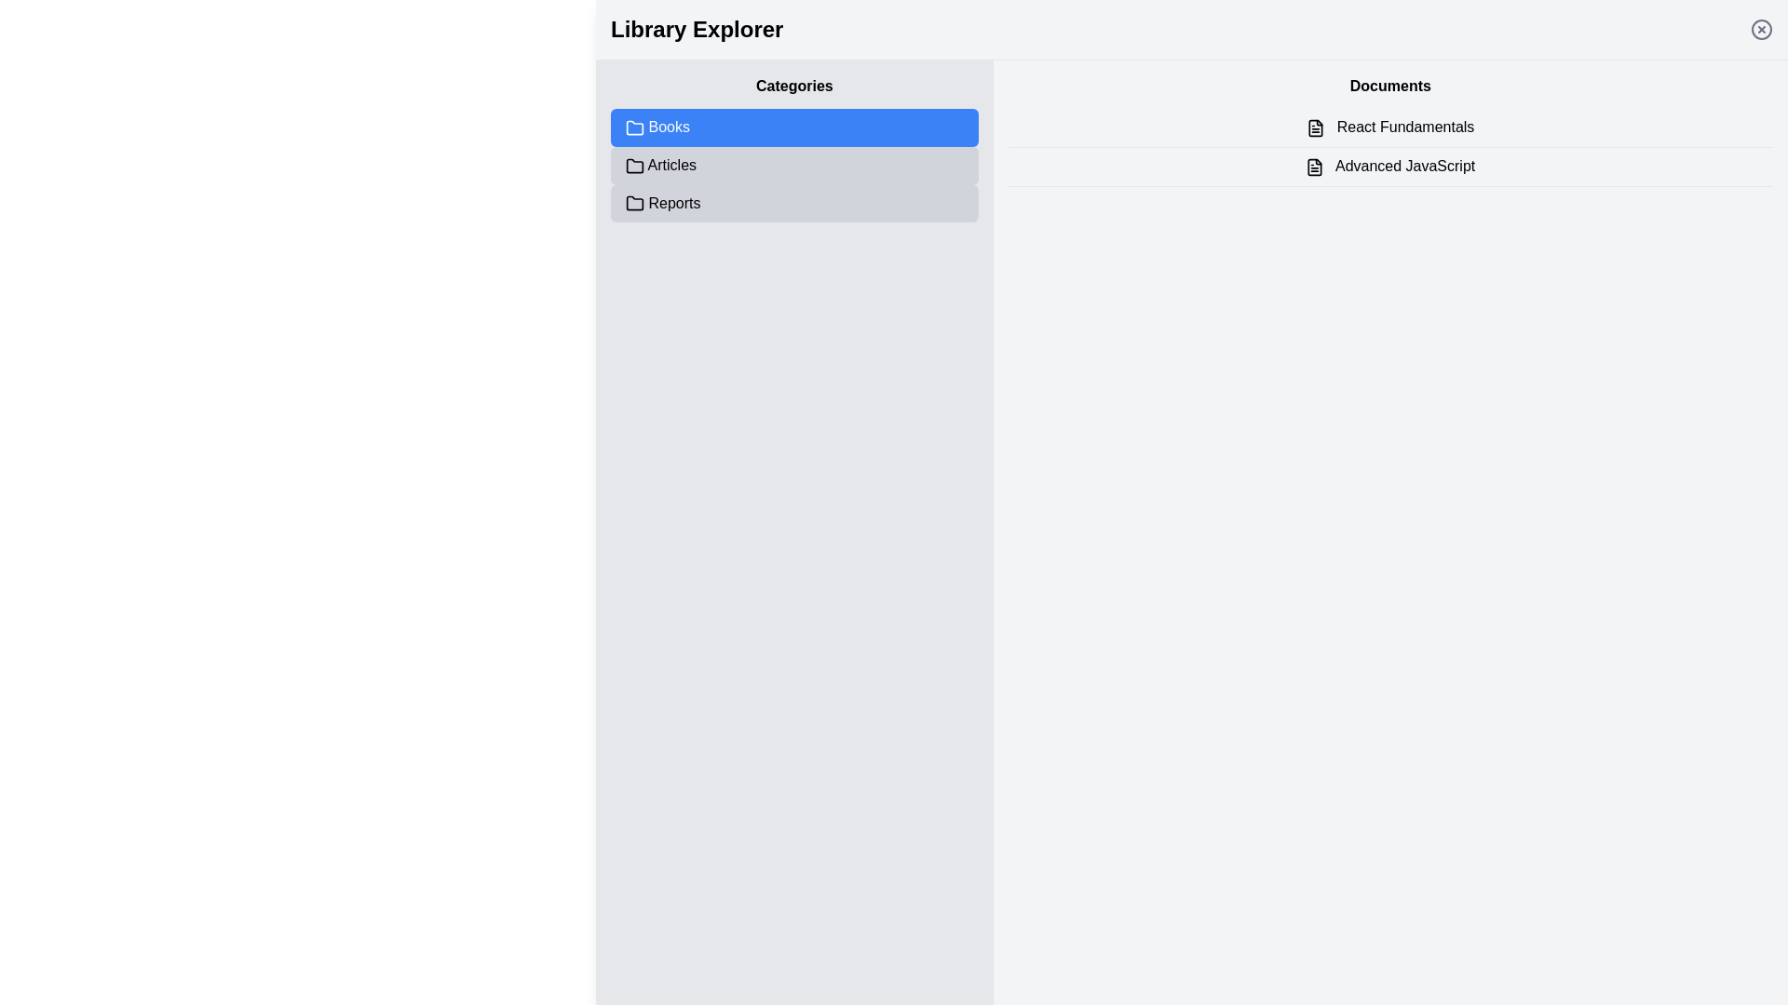  Describe the element at coordinates (1315, 127) in the screenshot. I see `the document icon for 'React Fundamentals' located in the 'Documents' section on the right panel` at that location.